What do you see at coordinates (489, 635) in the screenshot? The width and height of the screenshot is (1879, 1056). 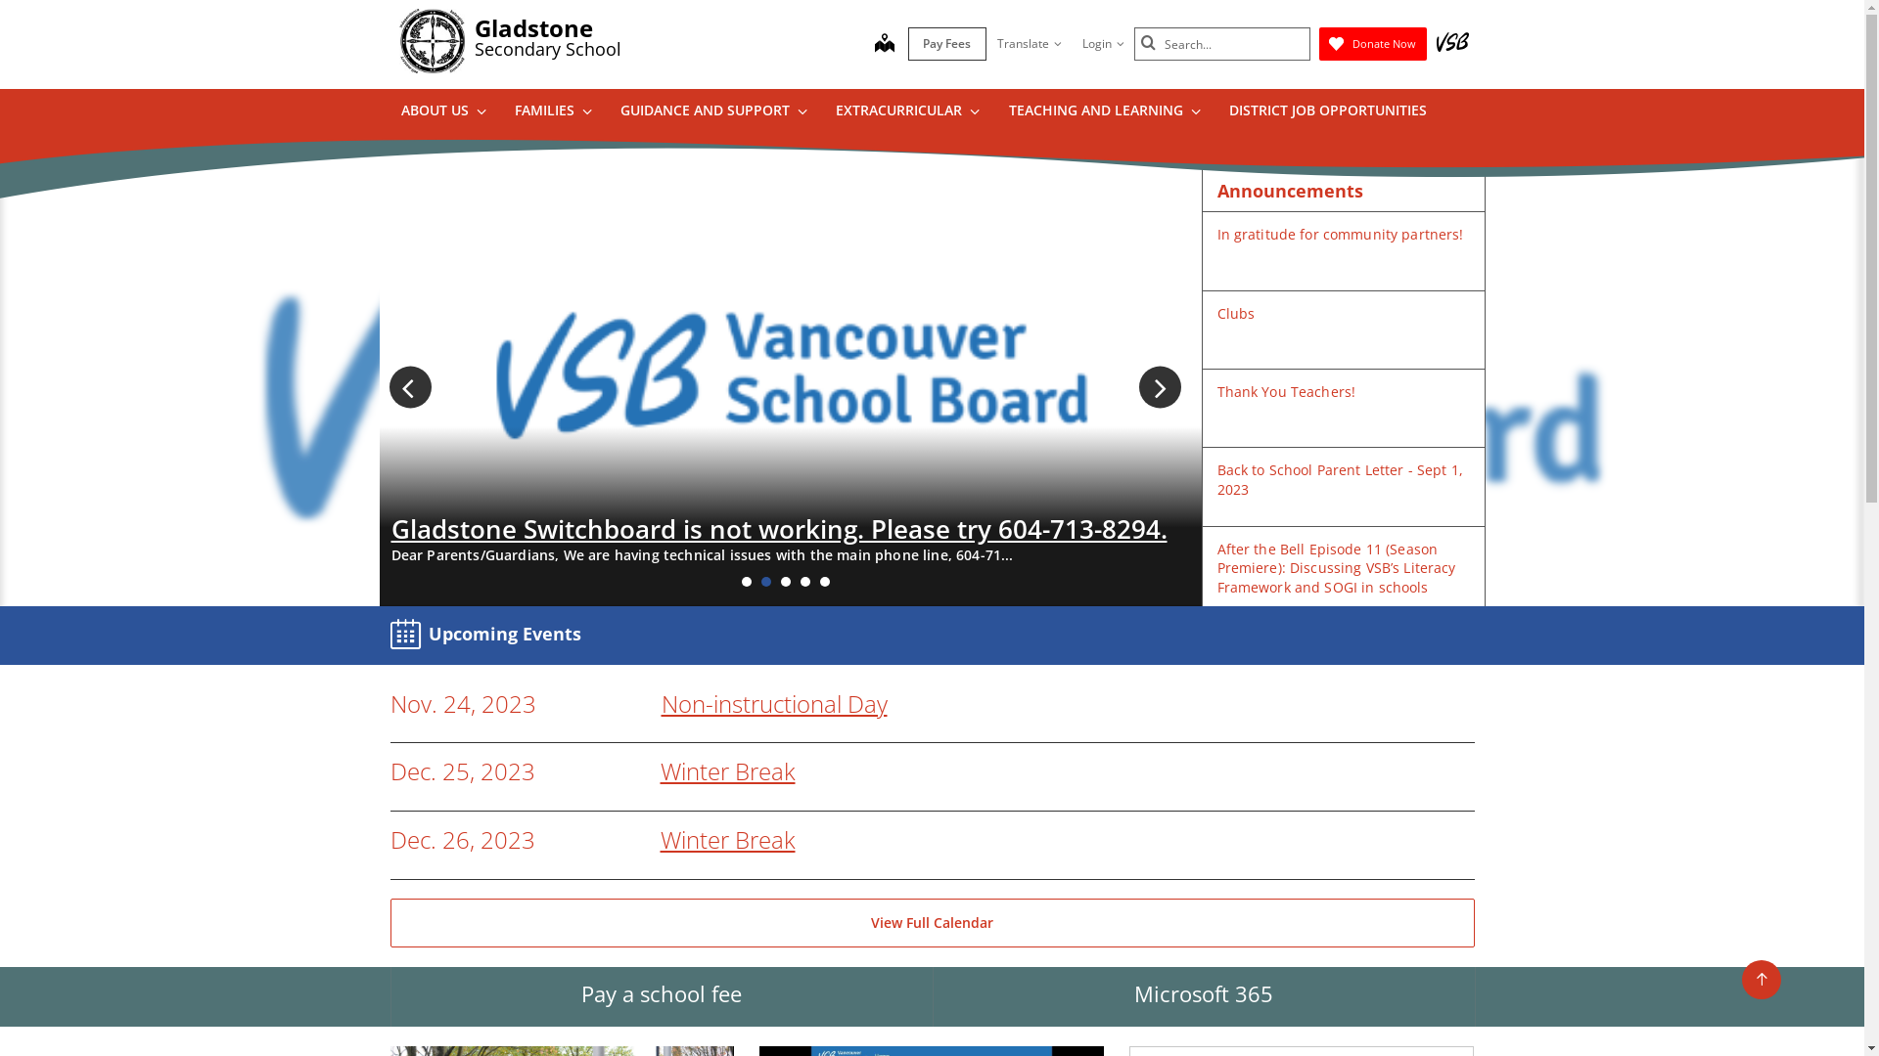 I see `'Upcoming Events'` at bounding box center [489, 635].